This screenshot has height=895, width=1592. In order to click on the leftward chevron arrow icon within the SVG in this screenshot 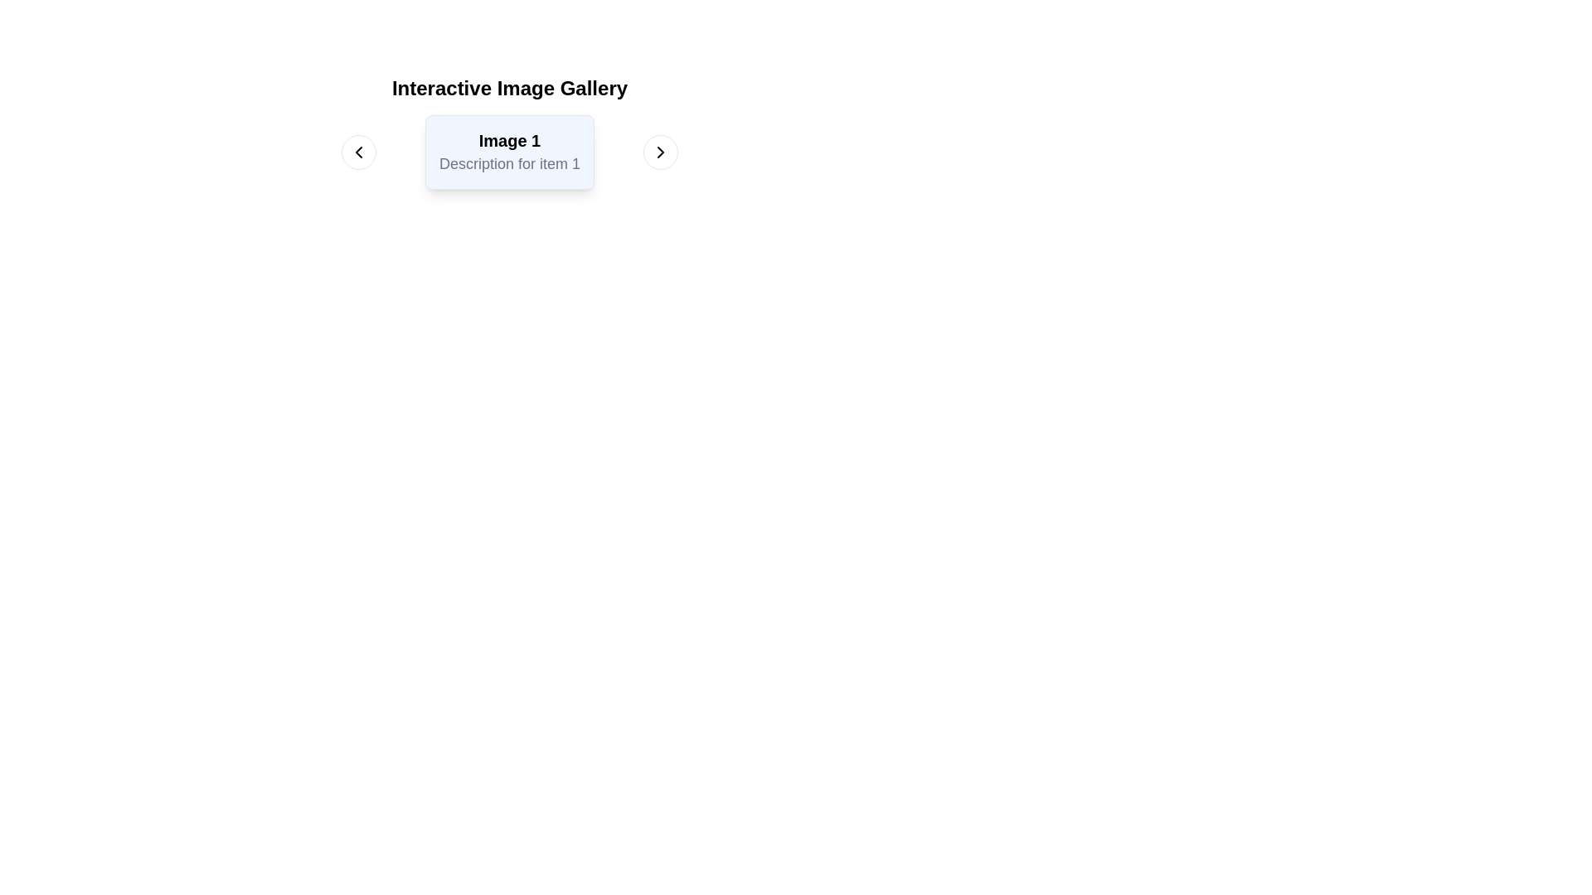, I will do `click(357, 152)`.